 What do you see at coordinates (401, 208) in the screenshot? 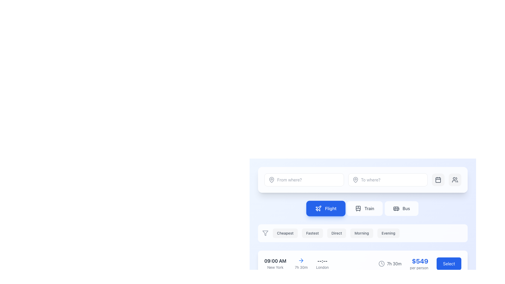
I see `the 'Bus' button, which is the last selectable tab aligned horizontally with 'Flight' and 'Train', to provide visual feedback` at bounding box center [401, 208].